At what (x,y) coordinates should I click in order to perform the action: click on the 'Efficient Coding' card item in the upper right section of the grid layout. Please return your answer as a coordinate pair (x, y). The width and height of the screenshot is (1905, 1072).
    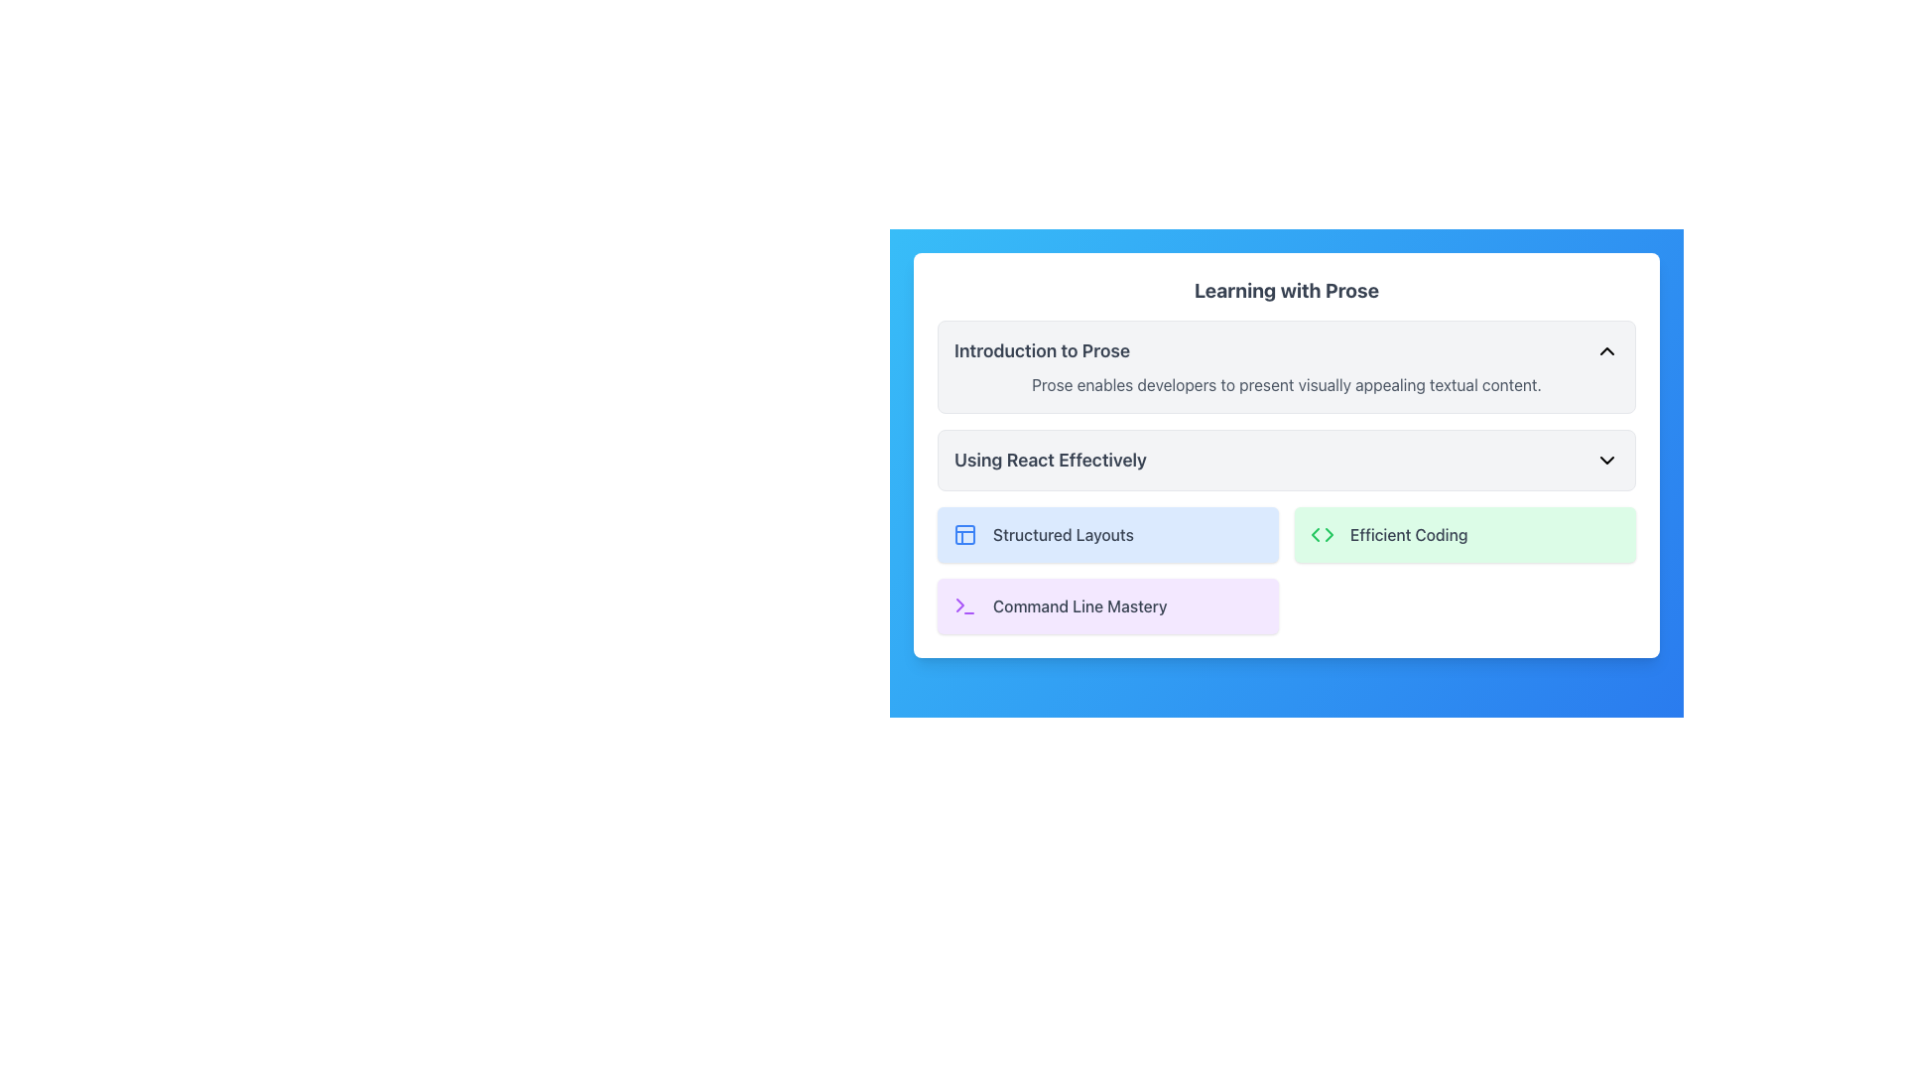
    Looking at the image, I should click on (1465, 534).